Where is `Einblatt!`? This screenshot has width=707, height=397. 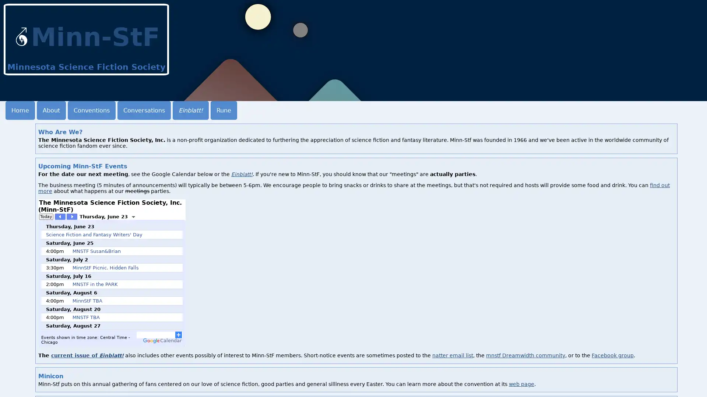
Einblatt! is located at coordinates (191, 110).